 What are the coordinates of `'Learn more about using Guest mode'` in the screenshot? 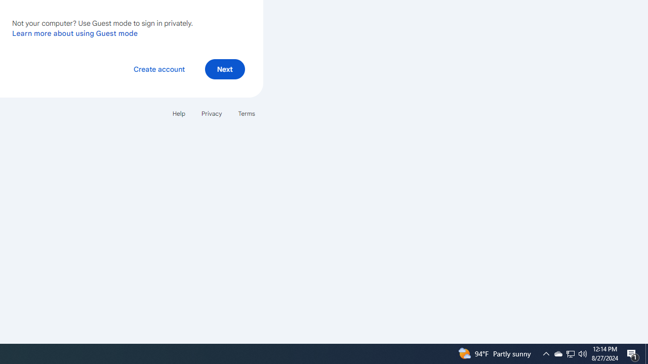 It's located at (74, 32).